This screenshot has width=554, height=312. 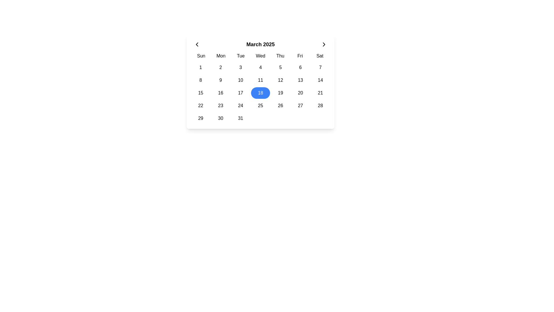 What do you see at coordinates (300, 106) in the screenshot?
I see `the circular button labeled '27'` at bounding box center [300, 106].